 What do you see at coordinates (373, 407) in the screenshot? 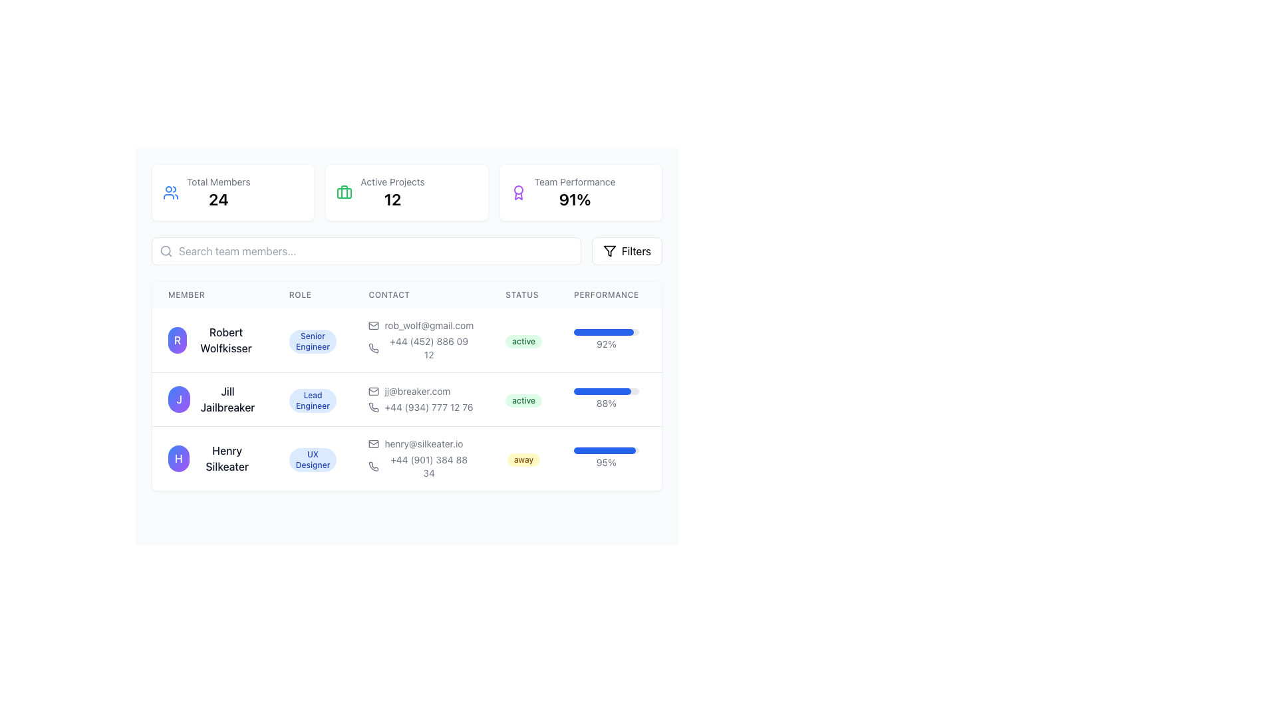
I see `the minimalist gray phone icon located in the 'Contact' column, second row of the table, next to the phone number '+44 (934) 777 12 76'` at bounding box center [373, 407].